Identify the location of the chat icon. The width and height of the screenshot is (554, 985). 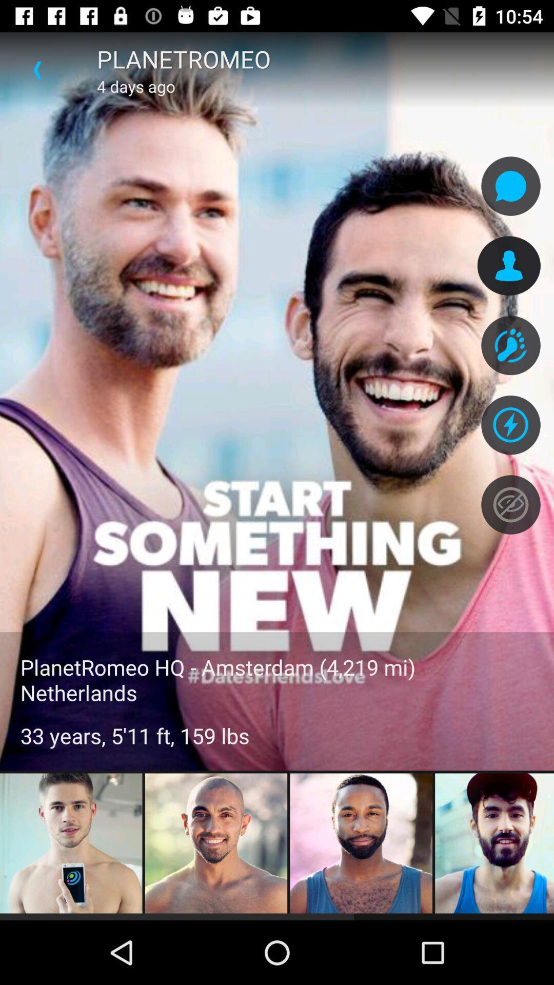
(510, 186).